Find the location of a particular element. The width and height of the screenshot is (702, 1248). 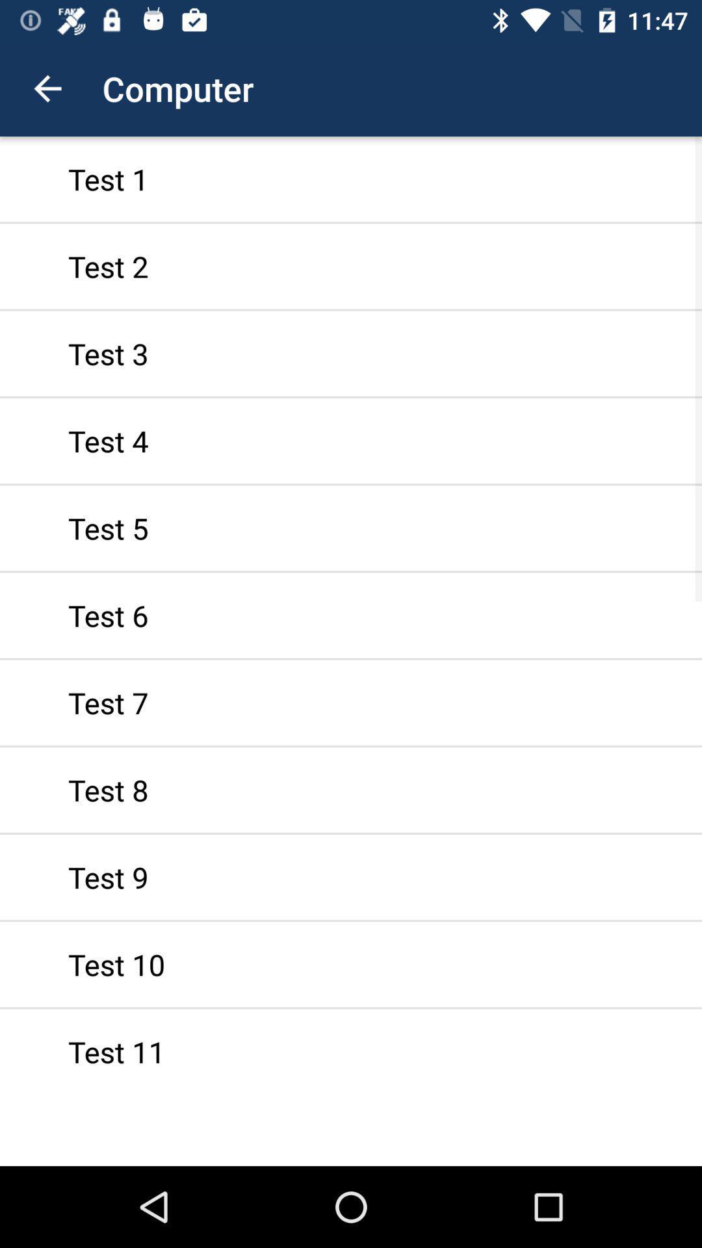

the item below the test 6 icon is located at coordinates (351, 702).